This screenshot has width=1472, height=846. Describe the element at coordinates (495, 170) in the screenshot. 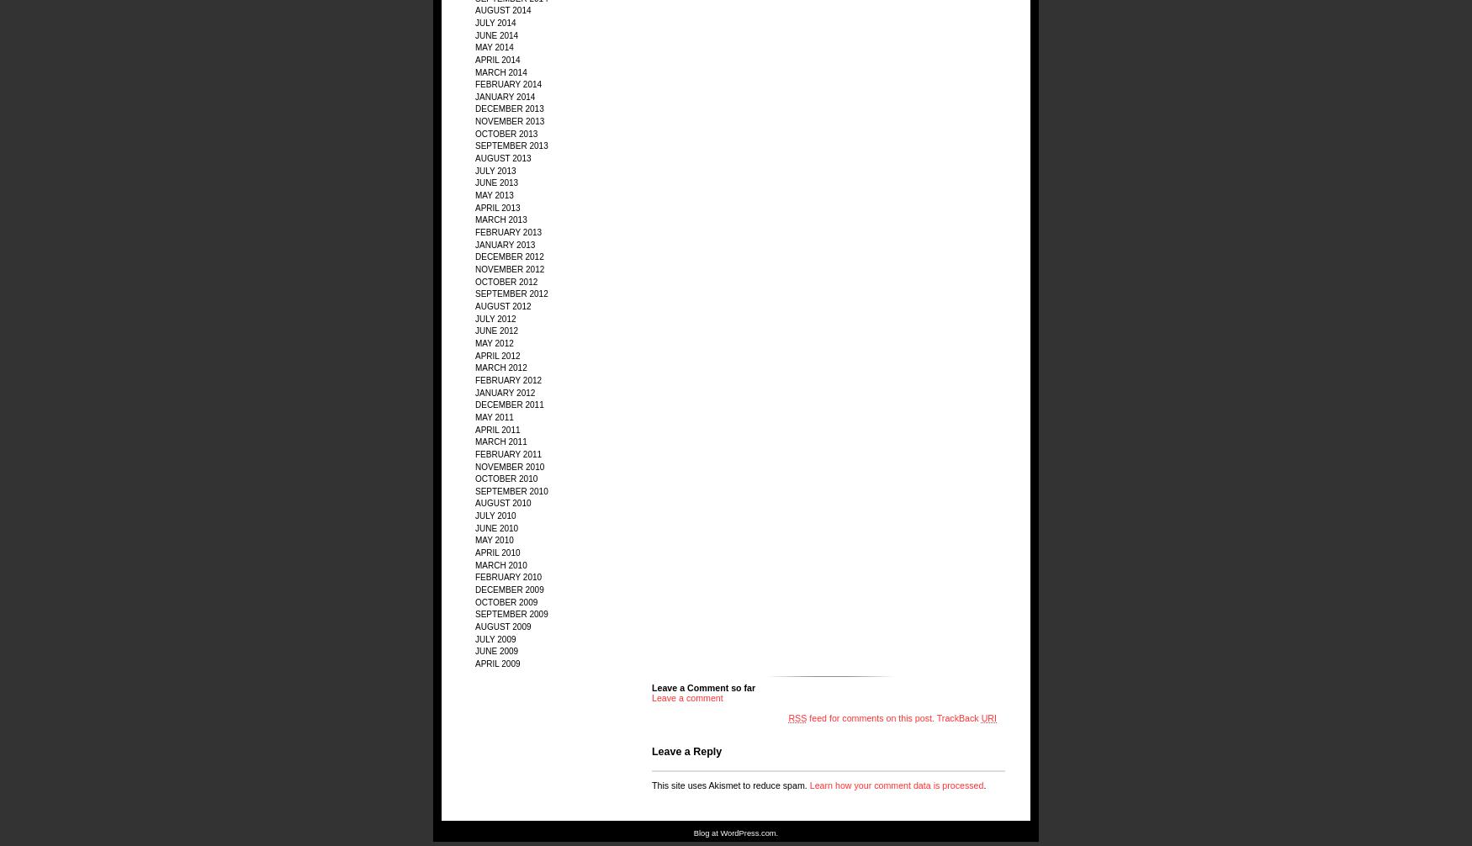

I see `'July 2013'` at that location.